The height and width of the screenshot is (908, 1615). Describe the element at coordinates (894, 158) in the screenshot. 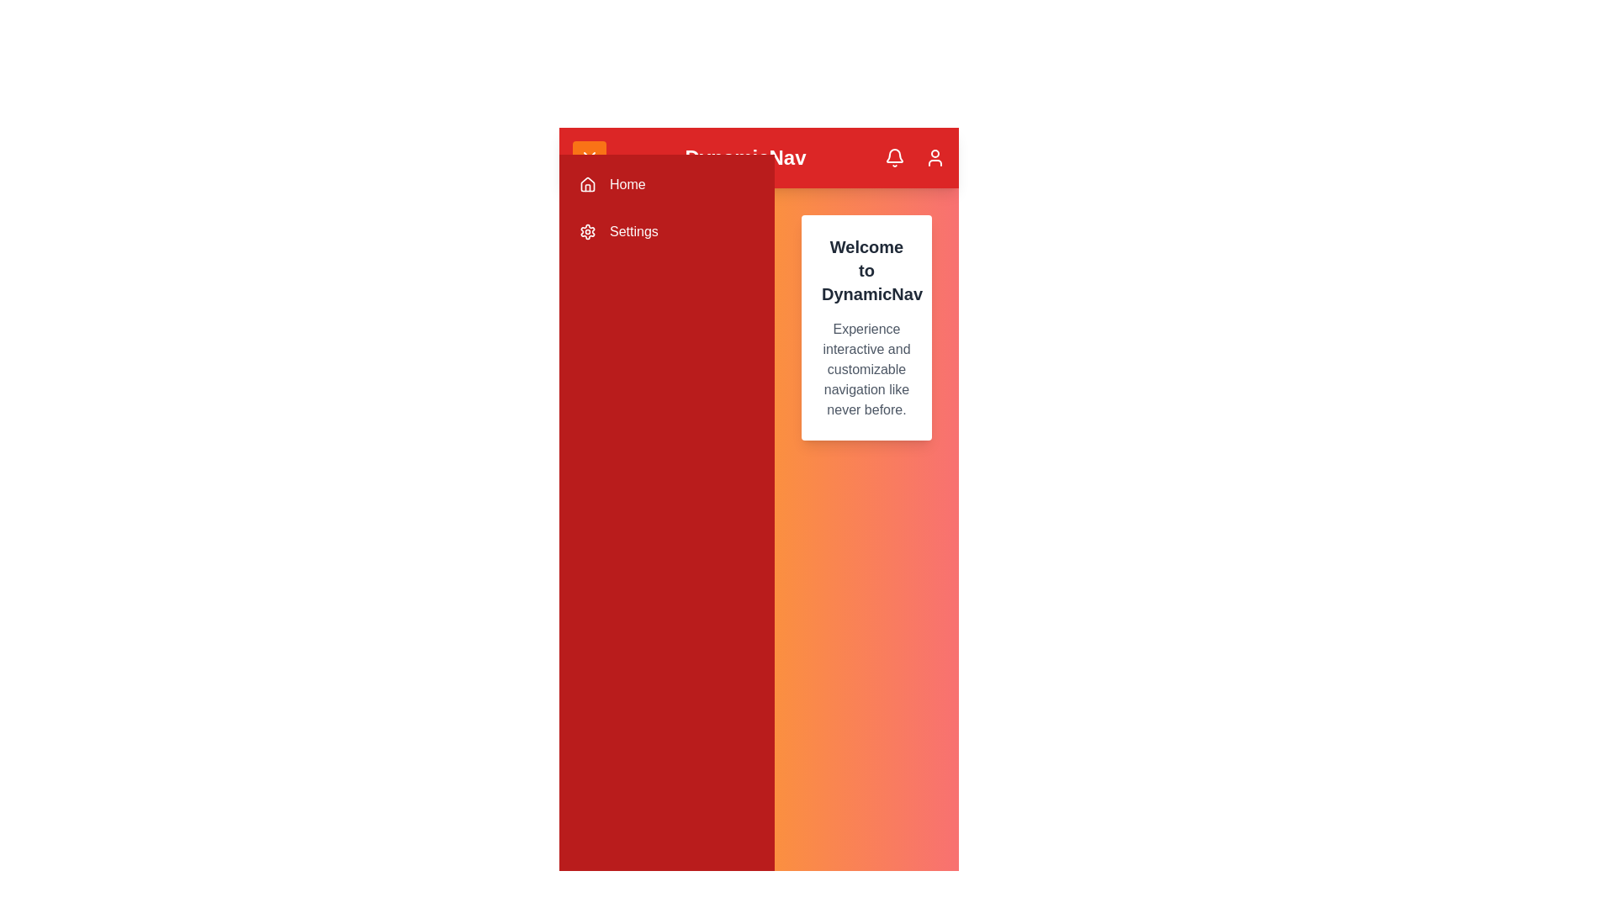

I see `the notification icon in the app bar` at that location.